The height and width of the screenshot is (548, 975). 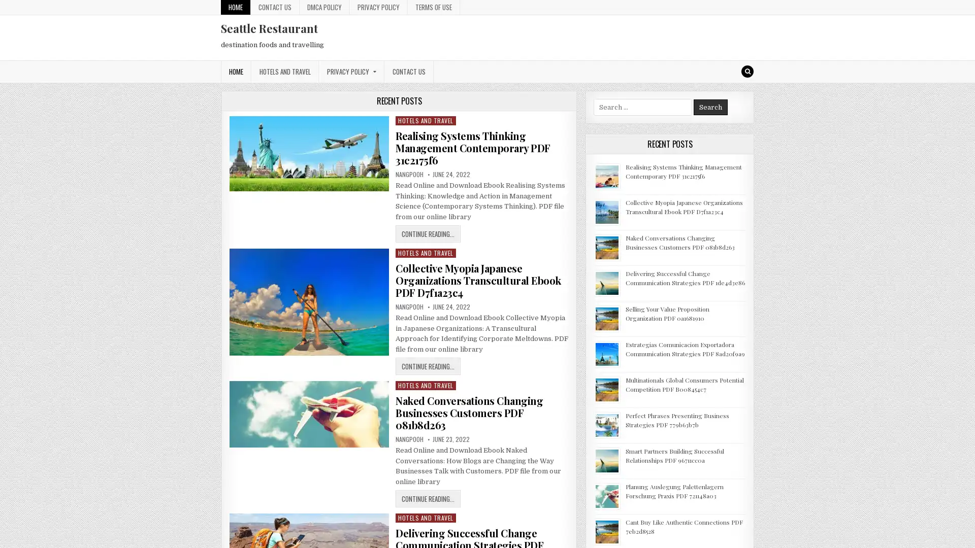 What do you see at coordinates (710, 107) in the screenshot?
I see `Search` at bounding box center [710, 107].